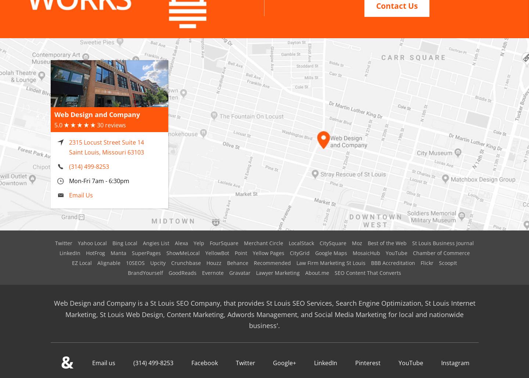  I want to click on 'ScoopIt', so click(447, 254).